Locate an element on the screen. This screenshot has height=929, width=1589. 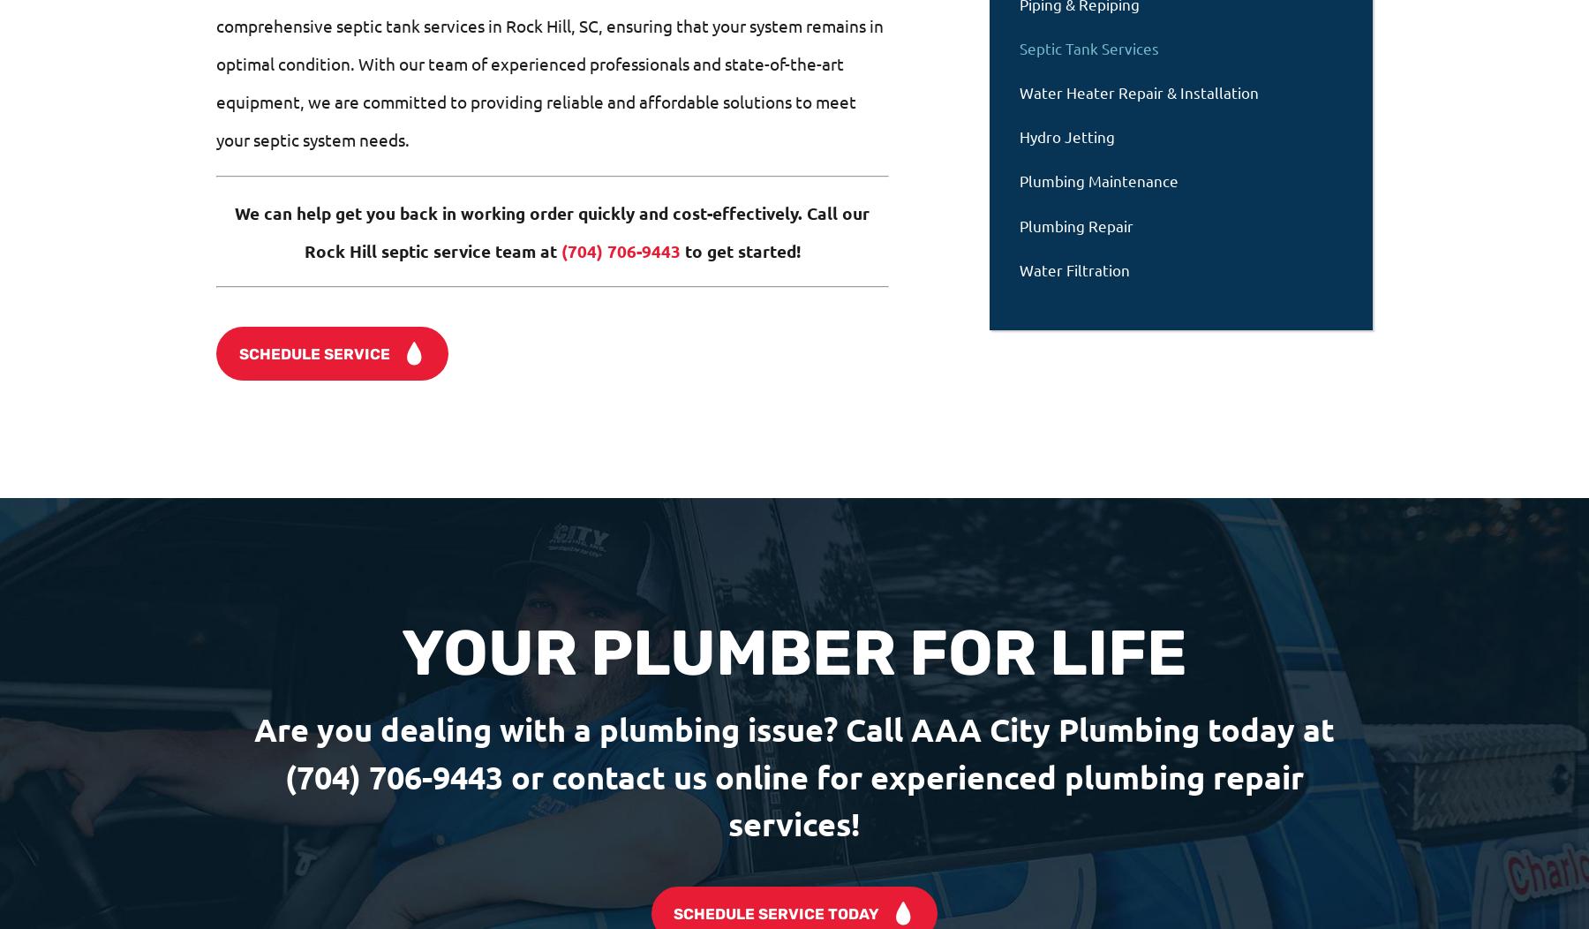
'Hand Picked Team' is located at coordinates (1046, 157).